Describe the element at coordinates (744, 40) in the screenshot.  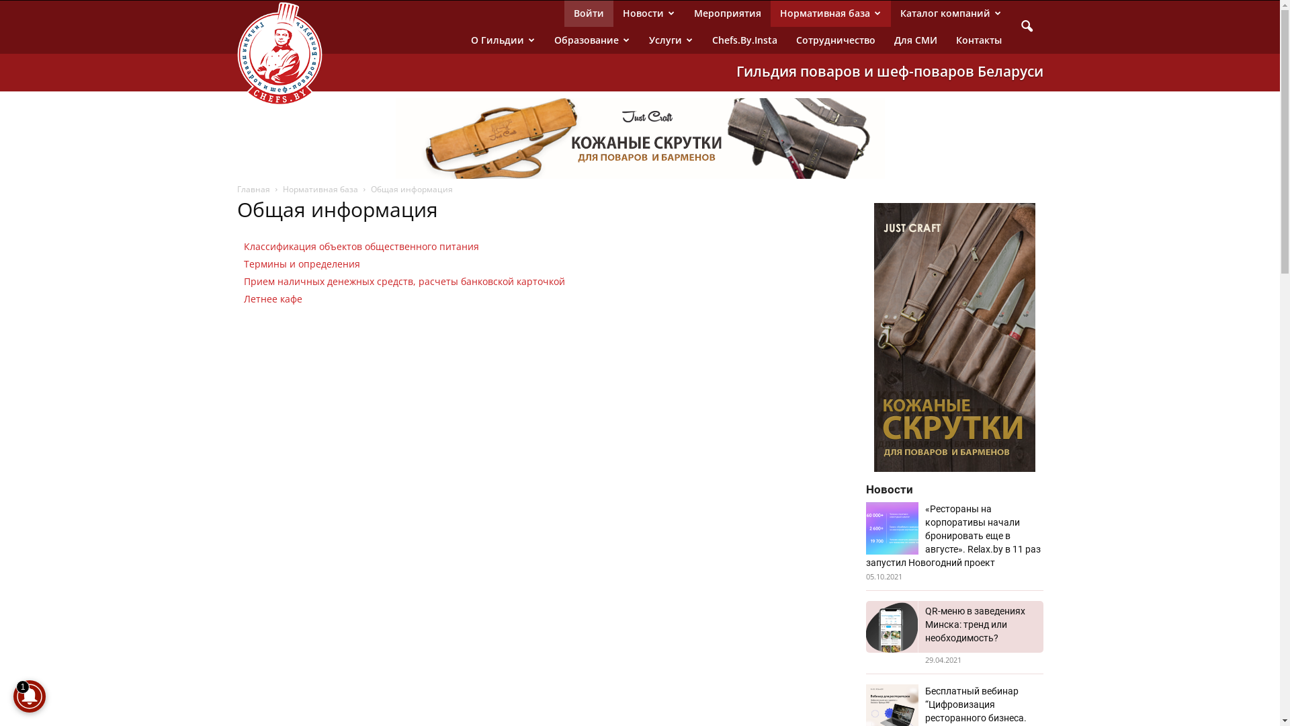
I see `'Chefs.By.Insta'` at that location.